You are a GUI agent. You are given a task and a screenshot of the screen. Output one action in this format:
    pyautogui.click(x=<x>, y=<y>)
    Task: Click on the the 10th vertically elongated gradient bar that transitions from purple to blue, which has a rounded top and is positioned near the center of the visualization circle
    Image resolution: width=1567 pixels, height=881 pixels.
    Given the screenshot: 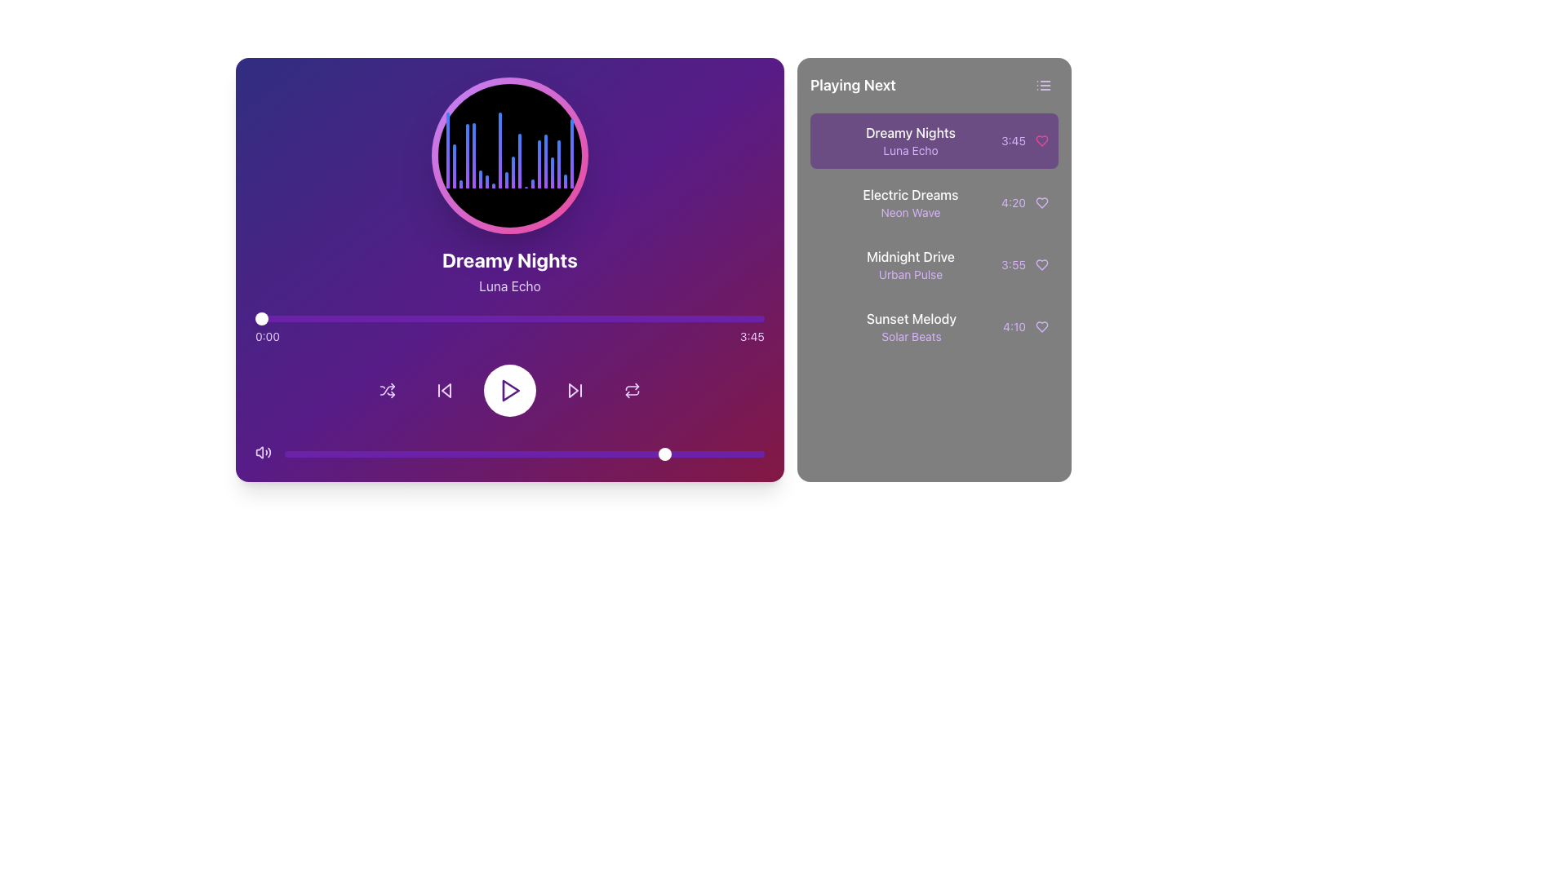 What is the action you would take?
    pyautogui.click(x=505, y=180)
    